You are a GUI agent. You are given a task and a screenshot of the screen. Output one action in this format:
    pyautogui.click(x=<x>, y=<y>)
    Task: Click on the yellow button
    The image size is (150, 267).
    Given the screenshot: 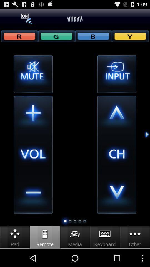 What is the action you would take?
    pyautogui.click(x=130, y=36)
    